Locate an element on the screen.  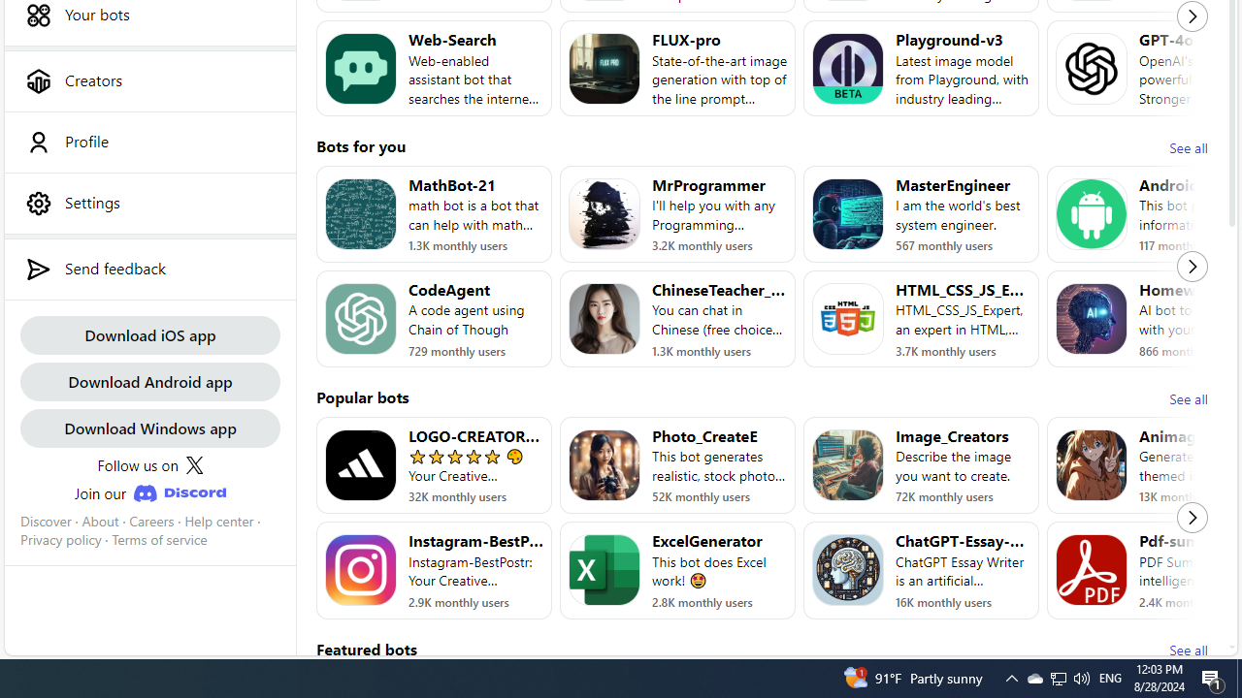
'Bot image for Pdf-summarizer-64K' is located at coordinates (1092, 569).